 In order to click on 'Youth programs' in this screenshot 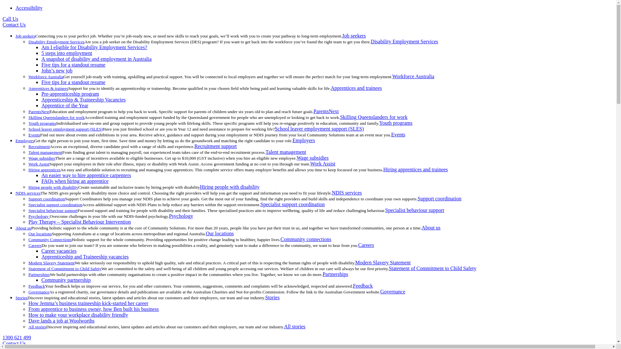, I will do `click(395, 123)`.